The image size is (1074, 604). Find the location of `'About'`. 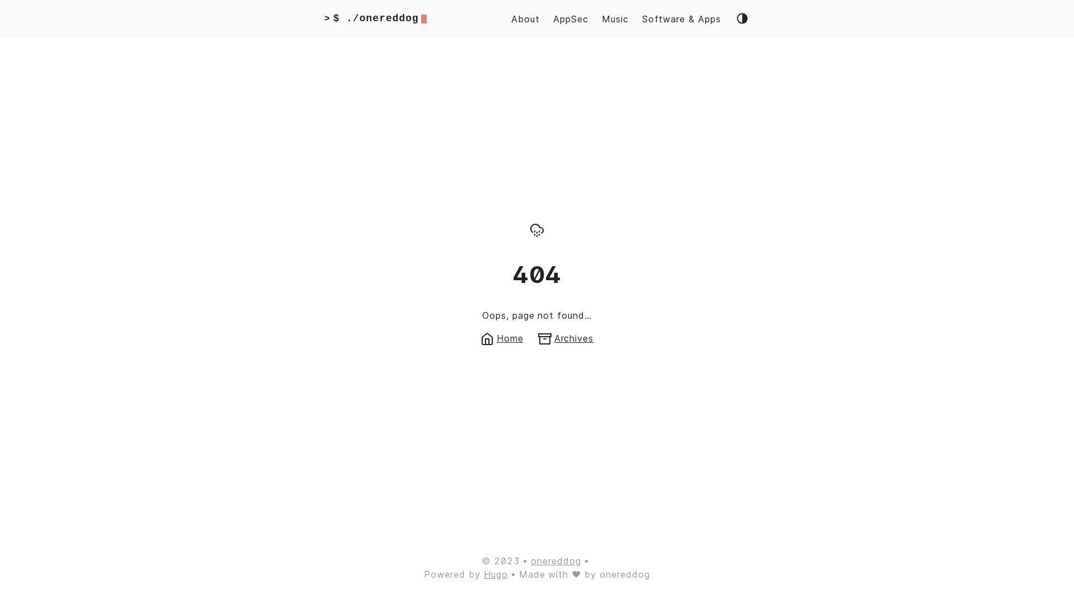

'About' is located at coordinates (525, 19).